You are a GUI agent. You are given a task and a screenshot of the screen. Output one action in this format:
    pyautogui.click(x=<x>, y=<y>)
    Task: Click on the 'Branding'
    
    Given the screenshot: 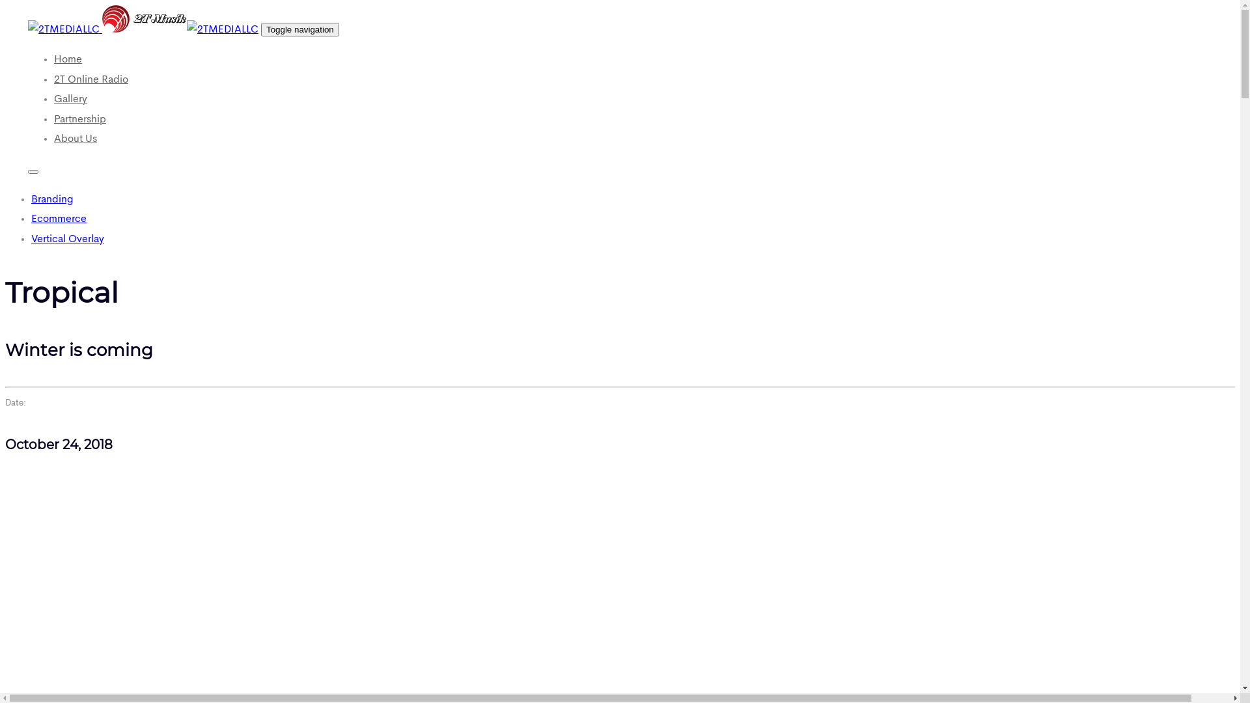 What is the action you would take?
    pyautogui.click(x=52, y=200)
    